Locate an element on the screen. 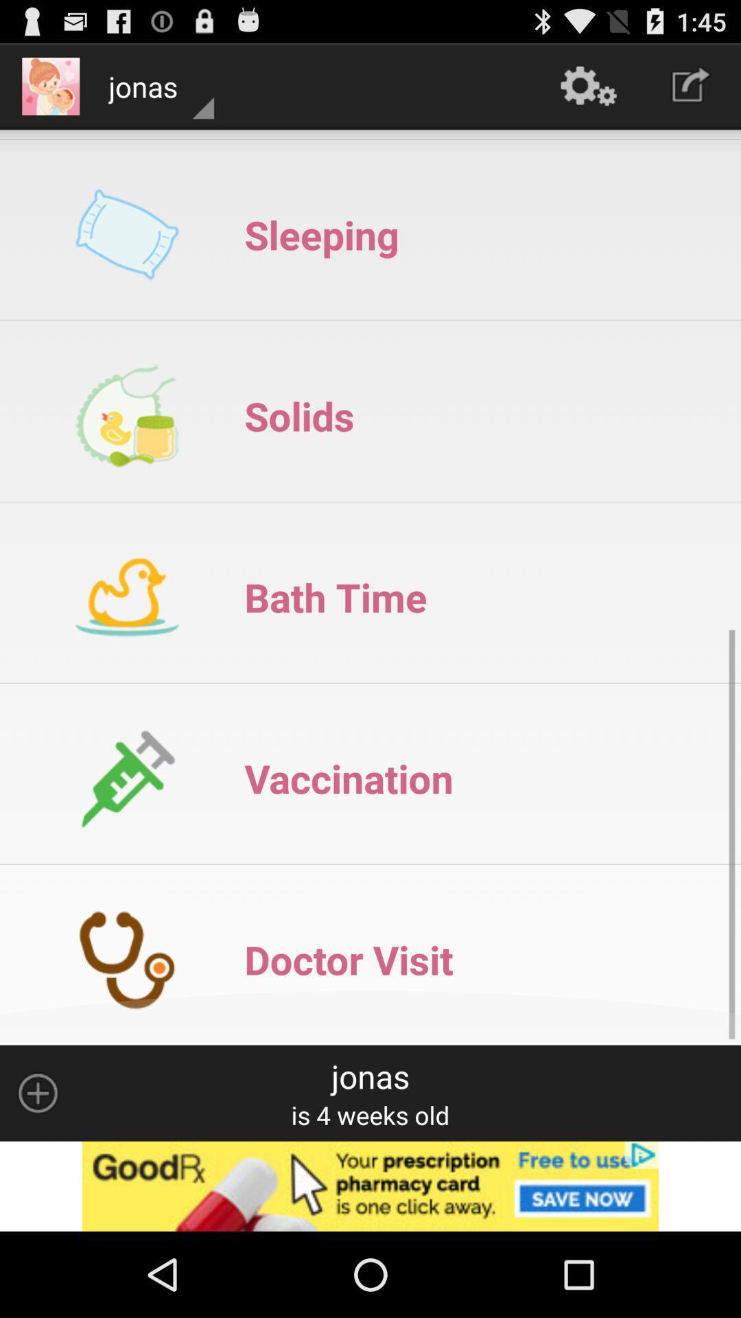  option is located at coordinates (37, 1092).